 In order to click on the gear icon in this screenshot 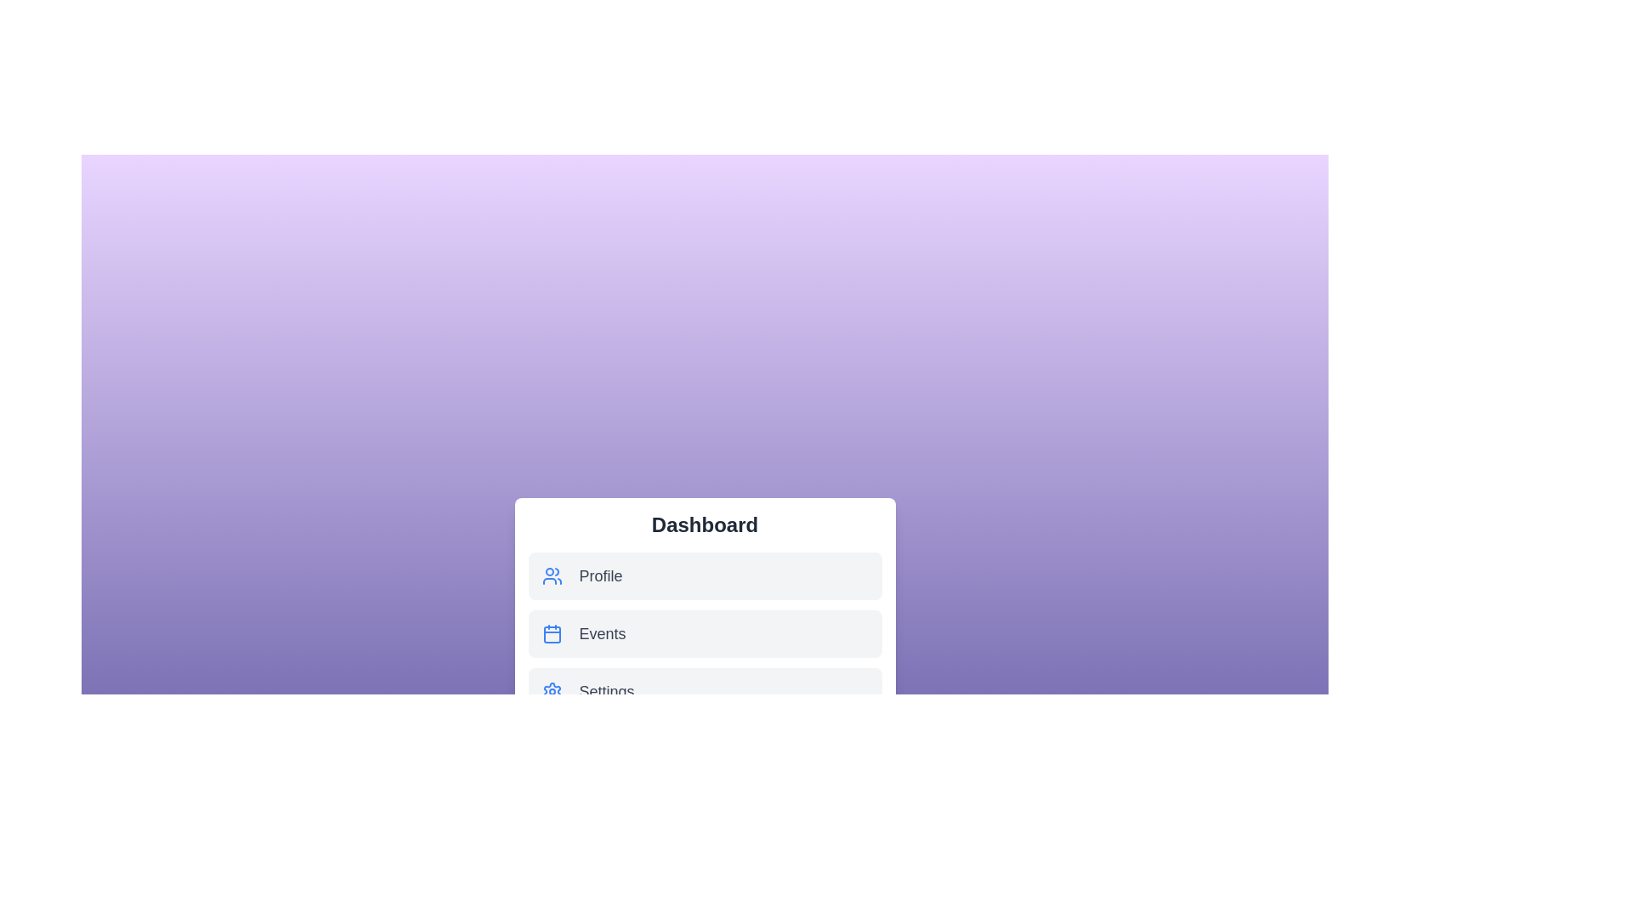, I will do `click(552, 691)`.